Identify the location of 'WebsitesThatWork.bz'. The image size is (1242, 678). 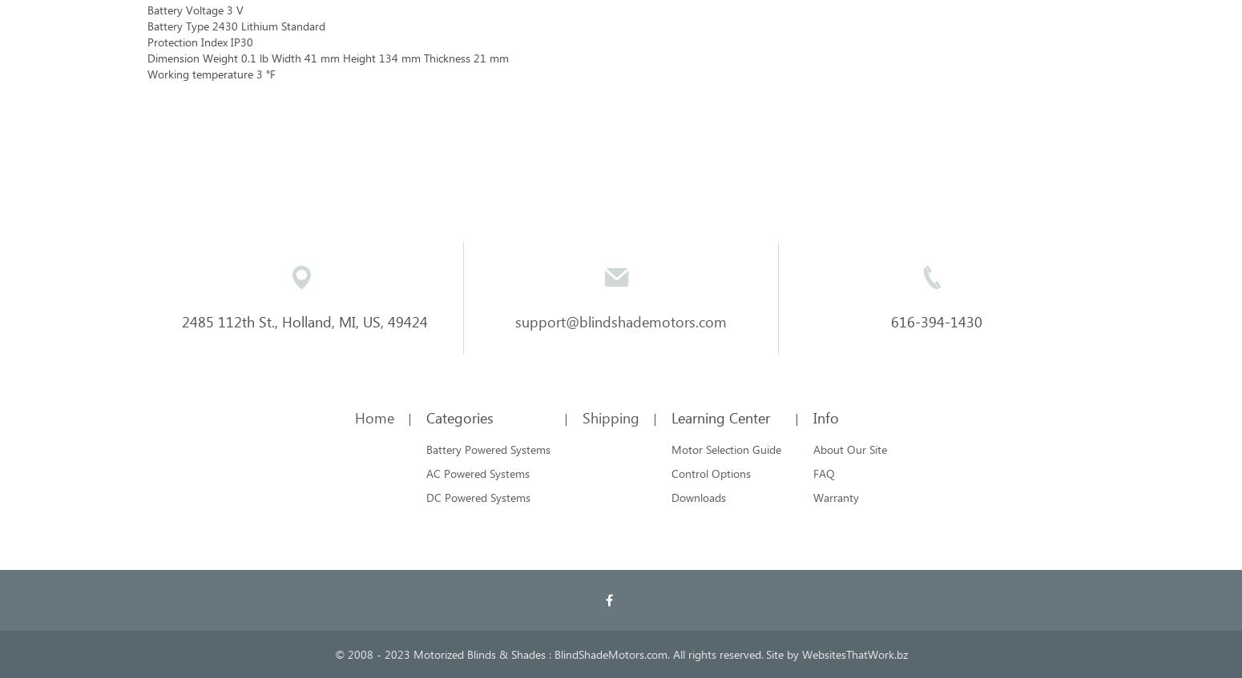
(800, 654).